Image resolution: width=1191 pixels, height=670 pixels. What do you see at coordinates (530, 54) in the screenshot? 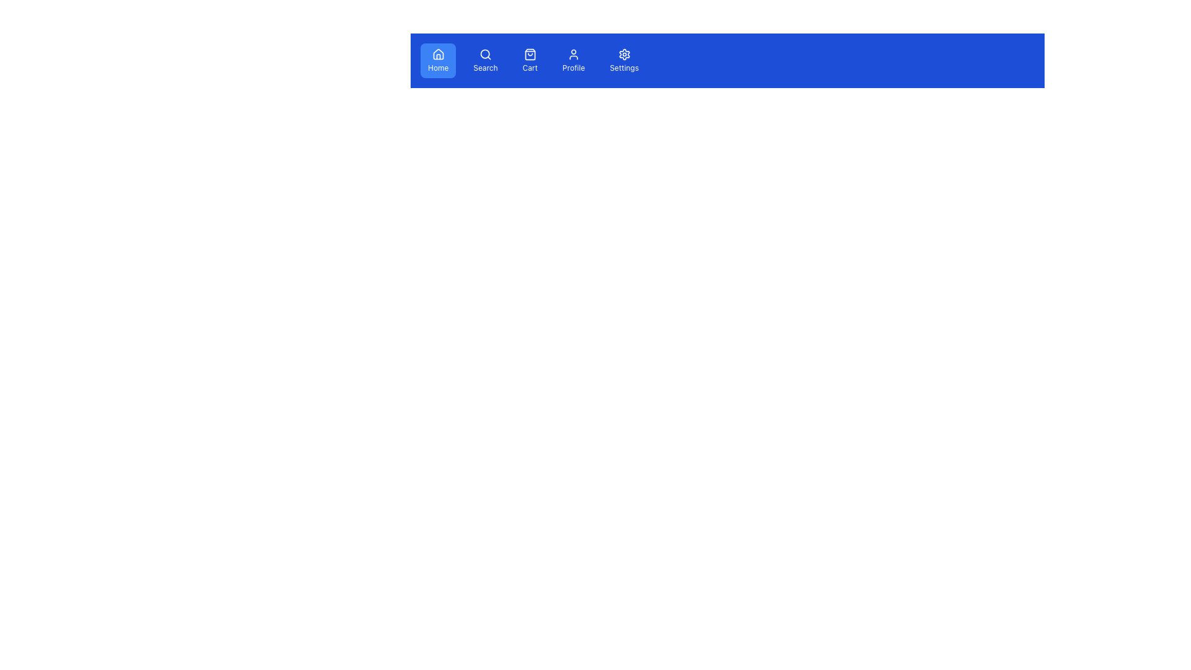
I see `the shopping cart icon located in the top navigation bar, between the 'Search' and 'Profile' components` at bounding box center [530, 54].